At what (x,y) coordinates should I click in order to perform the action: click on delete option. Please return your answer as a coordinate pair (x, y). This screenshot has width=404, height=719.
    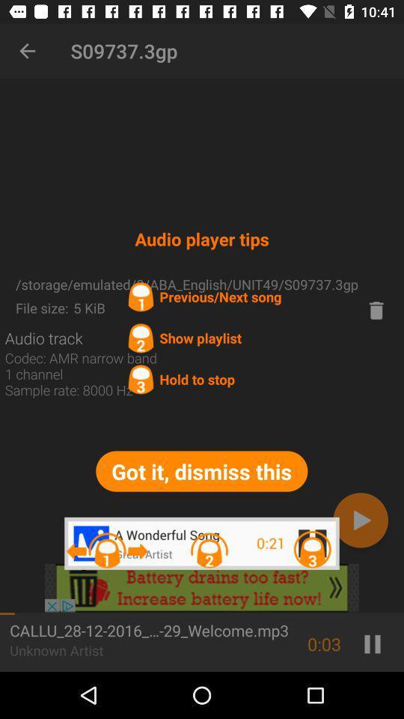
    Looking at the image, I should click on (376, 309).